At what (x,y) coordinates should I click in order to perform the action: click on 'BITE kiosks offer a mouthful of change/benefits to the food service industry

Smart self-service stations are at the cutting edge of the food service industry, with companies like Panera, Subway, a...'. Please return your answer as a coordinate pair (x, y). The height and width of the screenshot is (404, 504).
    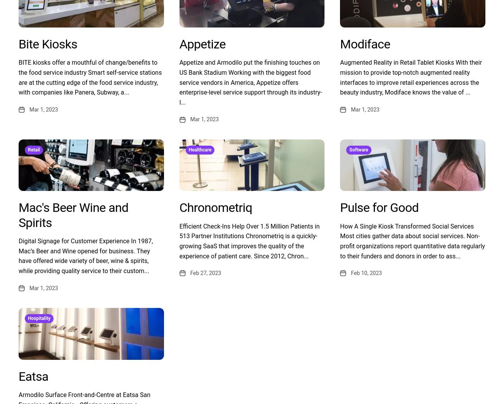
    Looking at the image, I should click on (90, 77).